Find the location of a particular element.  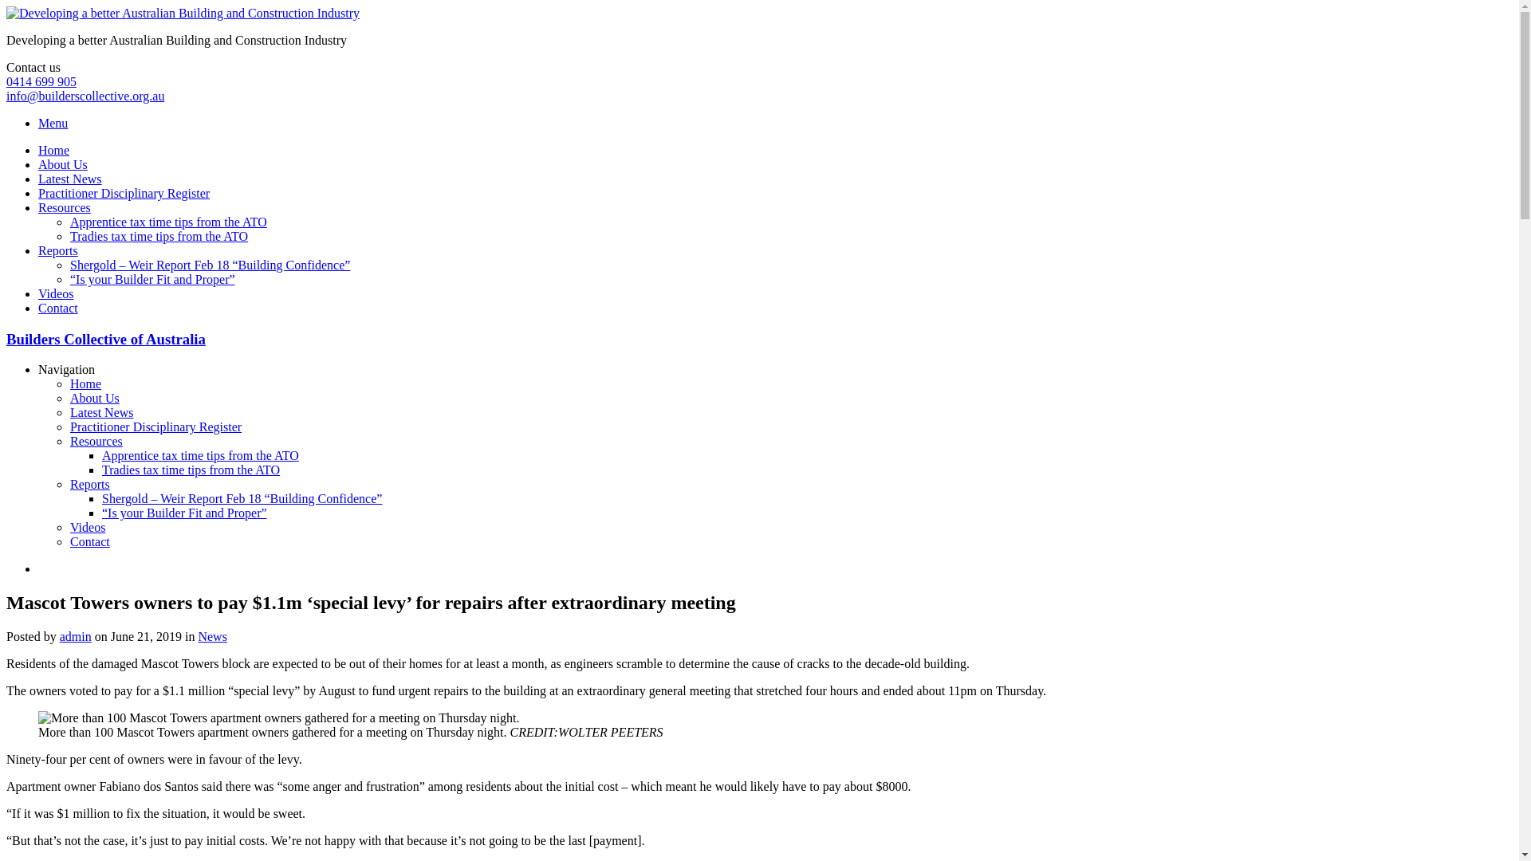

'Reports' is located at coordinates (38, 250).